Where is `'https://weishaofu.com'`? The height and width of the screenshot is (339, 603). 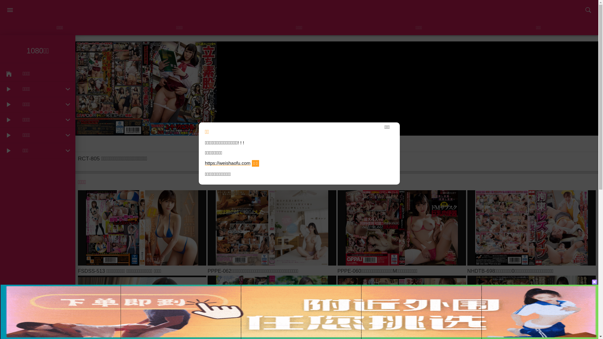 'https://weishaofu.com' is located at coordinates (227, 163).